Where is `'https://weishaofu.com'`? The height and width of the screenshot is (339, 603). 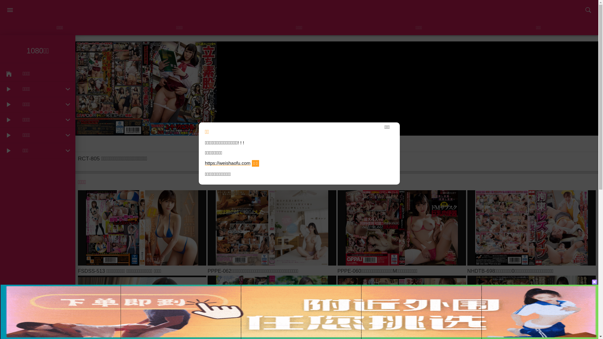 'https://weishaofu.com' is located at coordinates (227, 163).